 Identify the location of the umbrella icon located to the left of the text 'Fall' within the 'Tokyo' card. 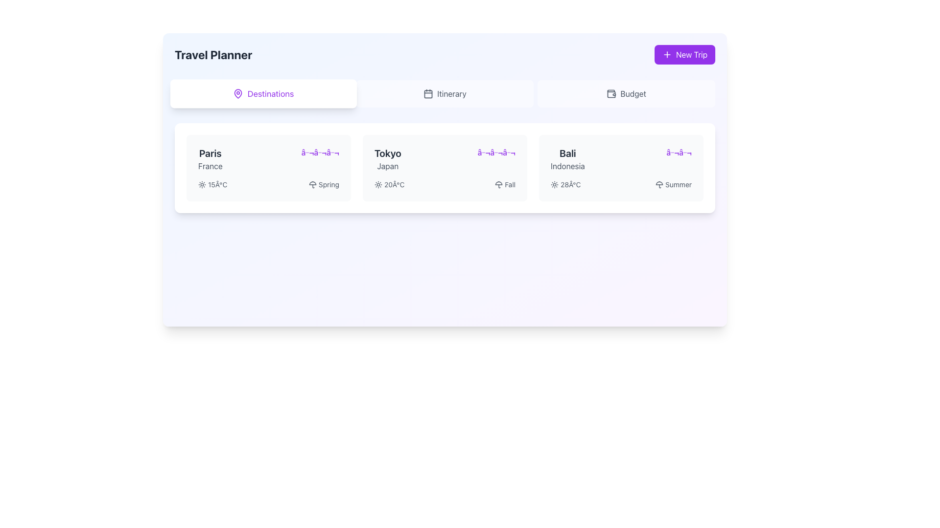
(499, 185).